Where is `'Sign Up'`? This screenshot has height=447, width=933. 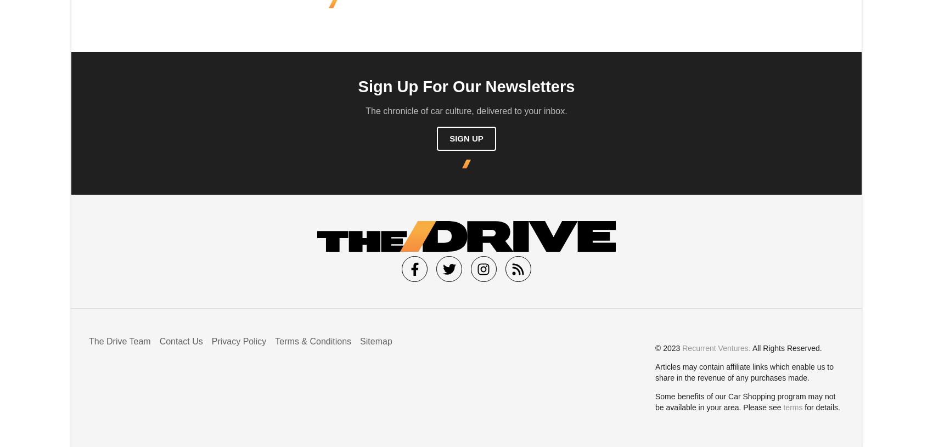
'Sign Up' is located at coordinates (465, 138).